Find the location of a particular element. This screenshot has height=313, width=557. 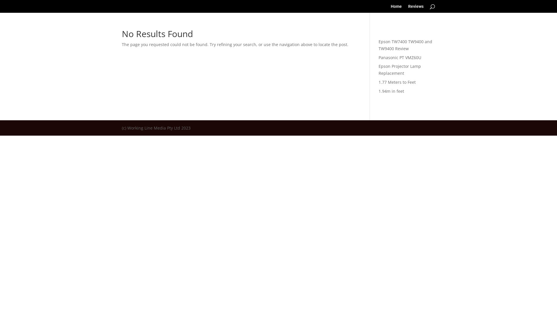

'Panasonic PT VMZ60U' is located at coordinates (399, 57).